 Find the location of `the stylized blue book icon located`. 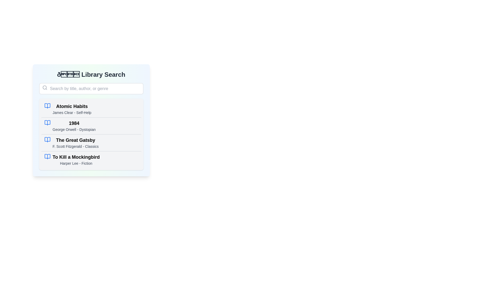

the stylized blue book icon located is located at coordinates (47, 123).